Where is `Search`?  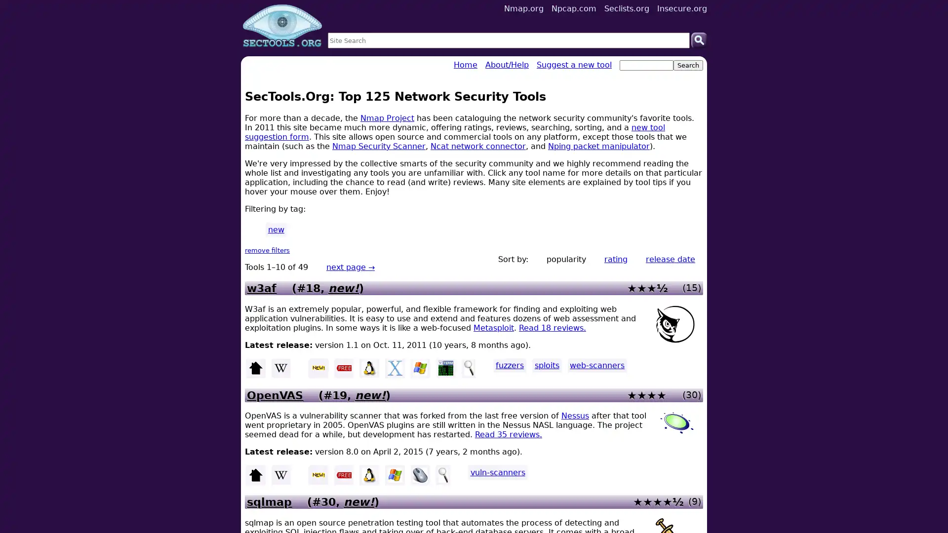 Search is located at coordinates (699, 39).